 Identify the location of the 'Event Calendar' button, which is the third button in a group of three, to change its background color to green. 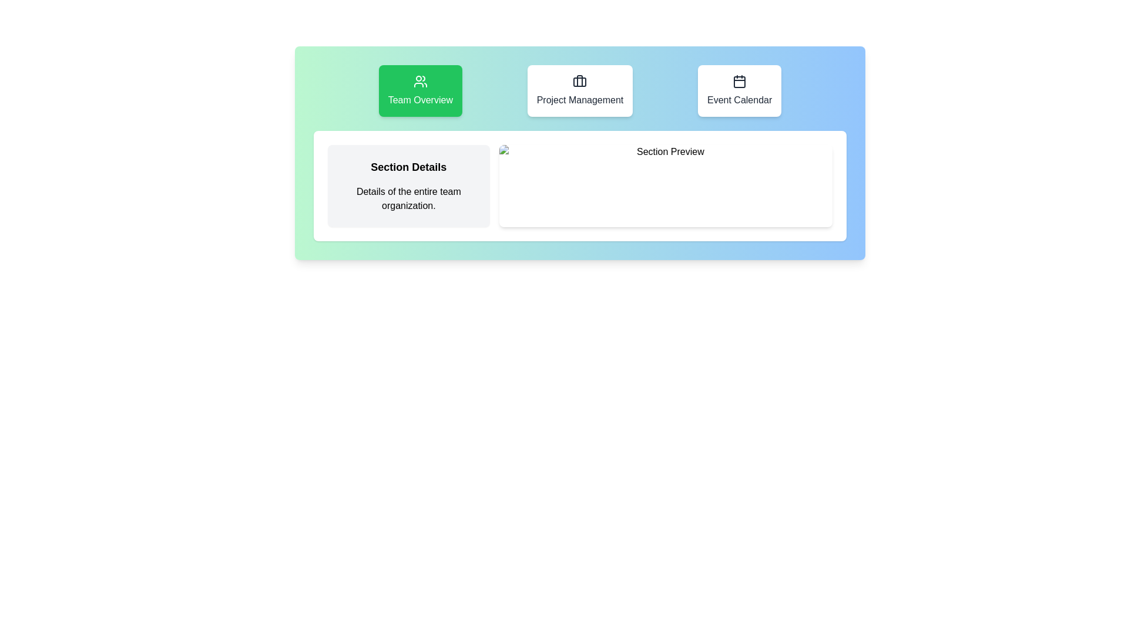
(739, 90).